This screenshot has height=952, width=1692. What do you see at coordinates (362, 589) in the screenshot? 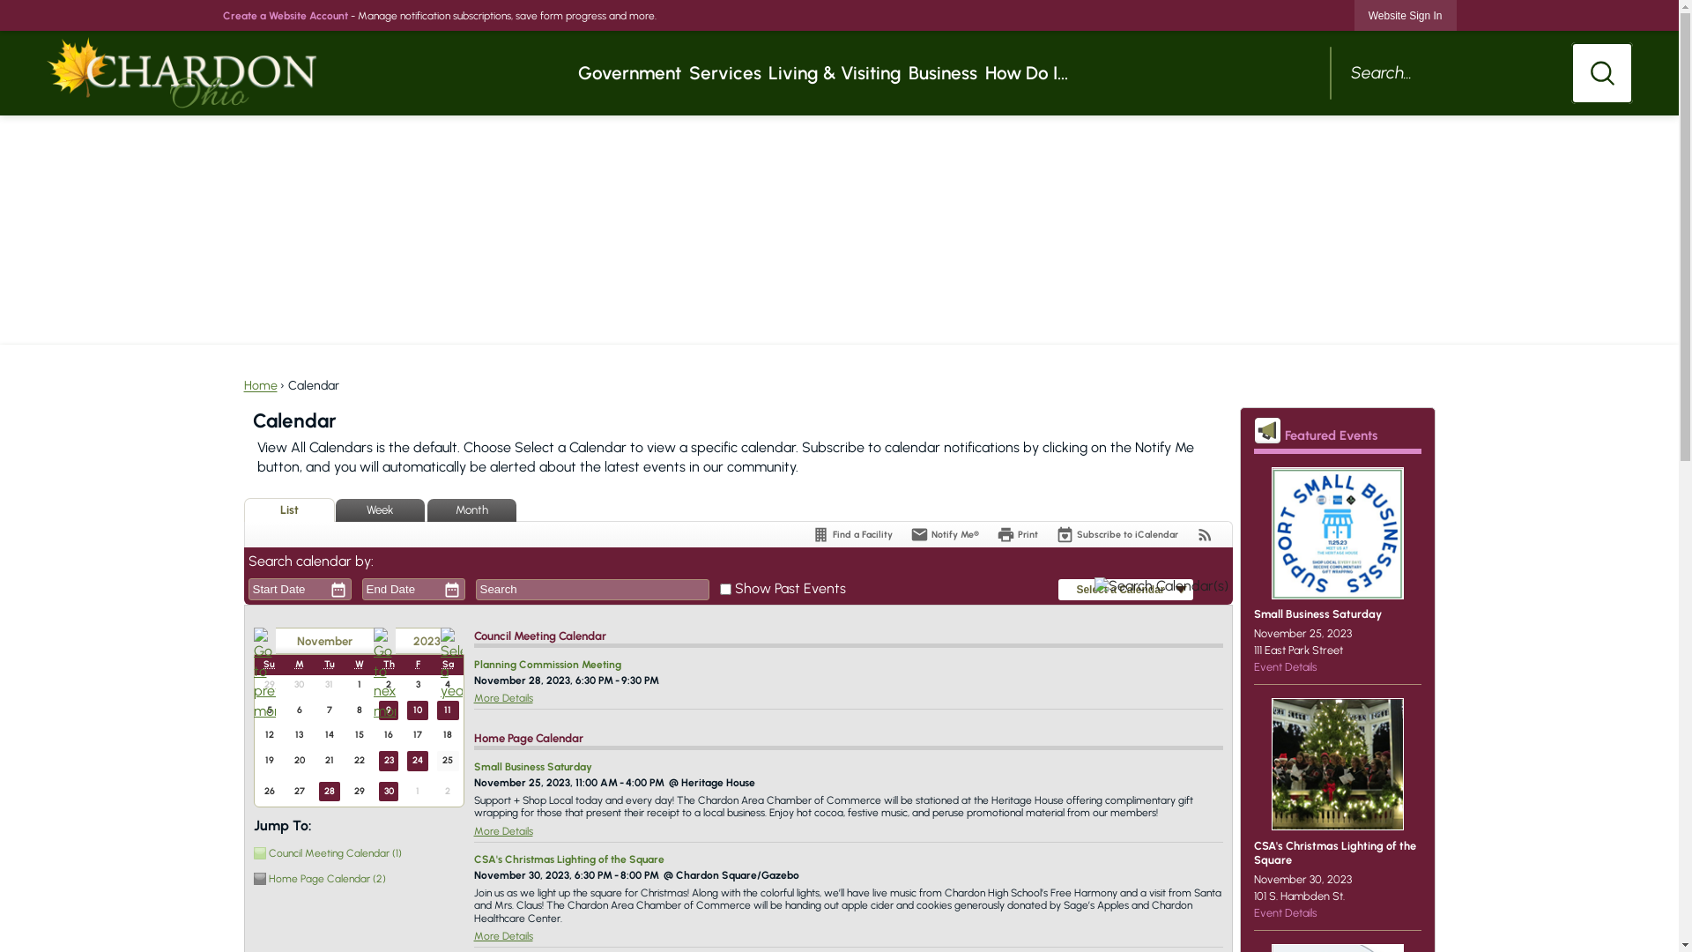
I see `'End Date'` at bounding box center [362, 589].